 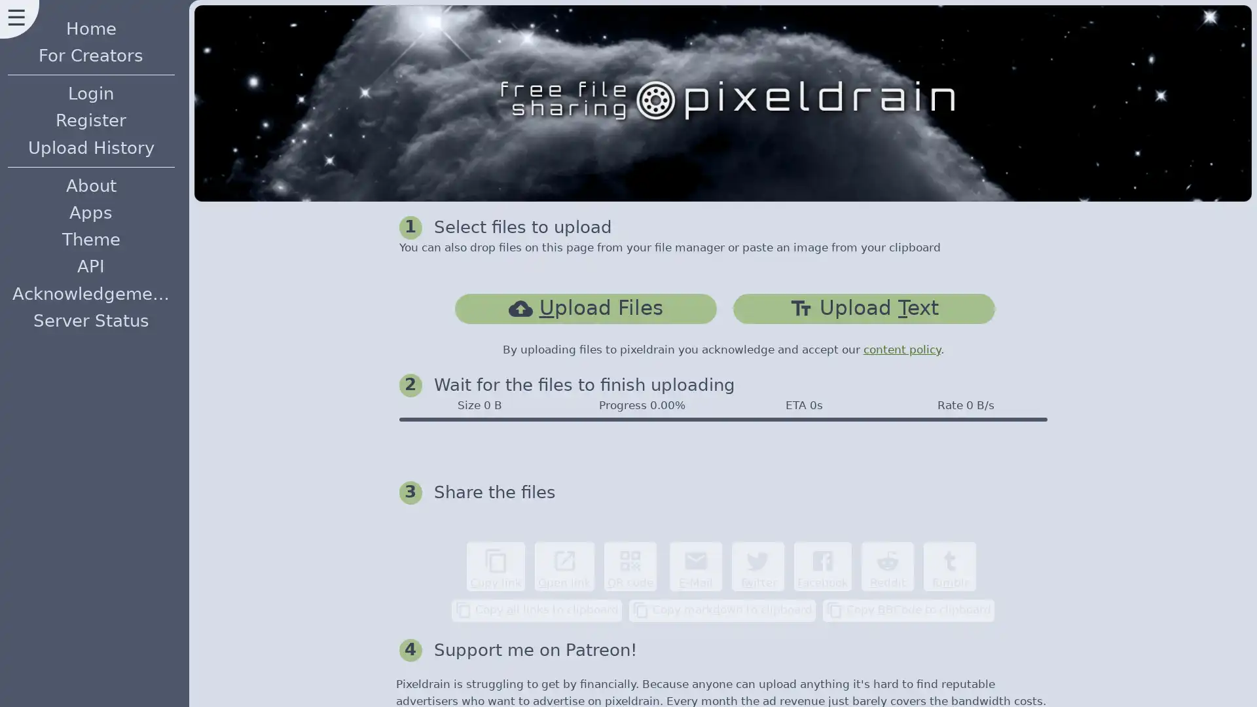 I want to click on content_copy Copy BBCode to clipboard, so click(x=907, y=610).